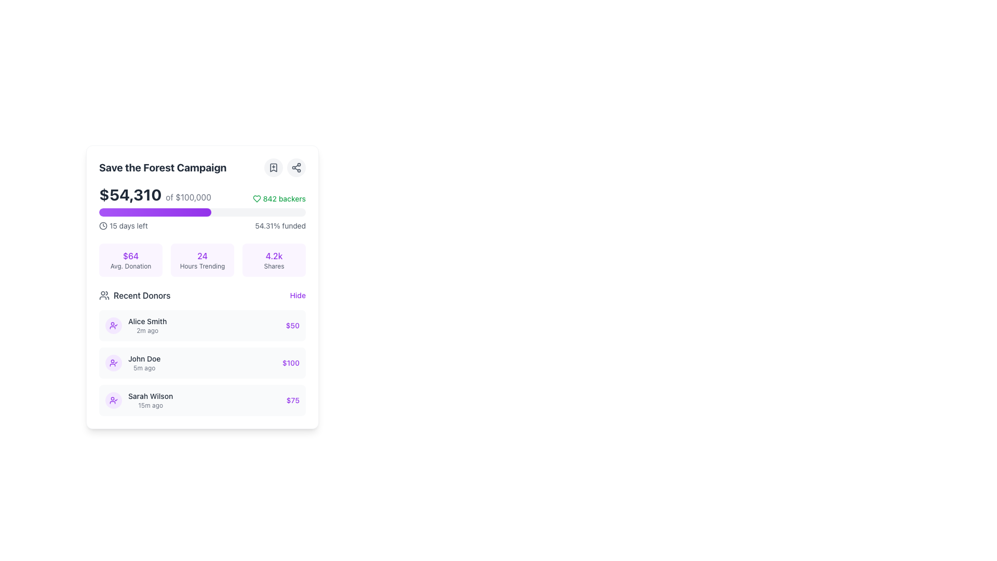 The width and height of the screenshot is (997, 561). Describe the element at coordinates (274, 167) in the screenshot. I see `the circular button with a bookmark icon, located at the top-right corner of the card` at that location.